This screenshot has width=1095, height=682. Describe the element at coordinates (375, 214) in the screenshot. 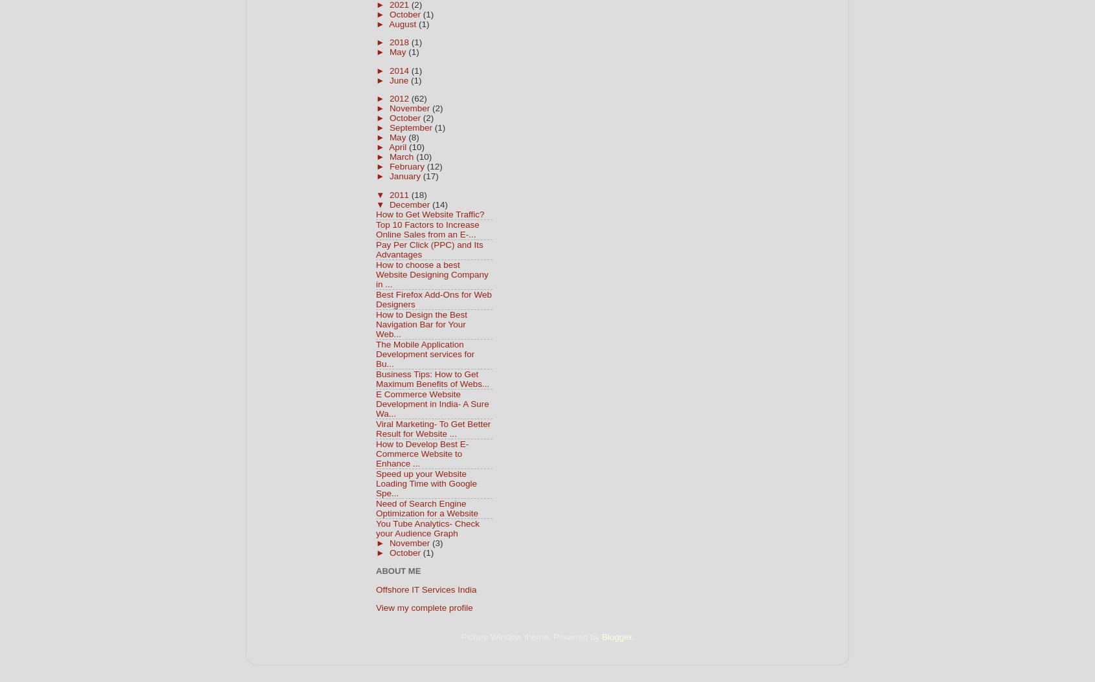

I see `'How to Get Website Traffic?'` at that location.